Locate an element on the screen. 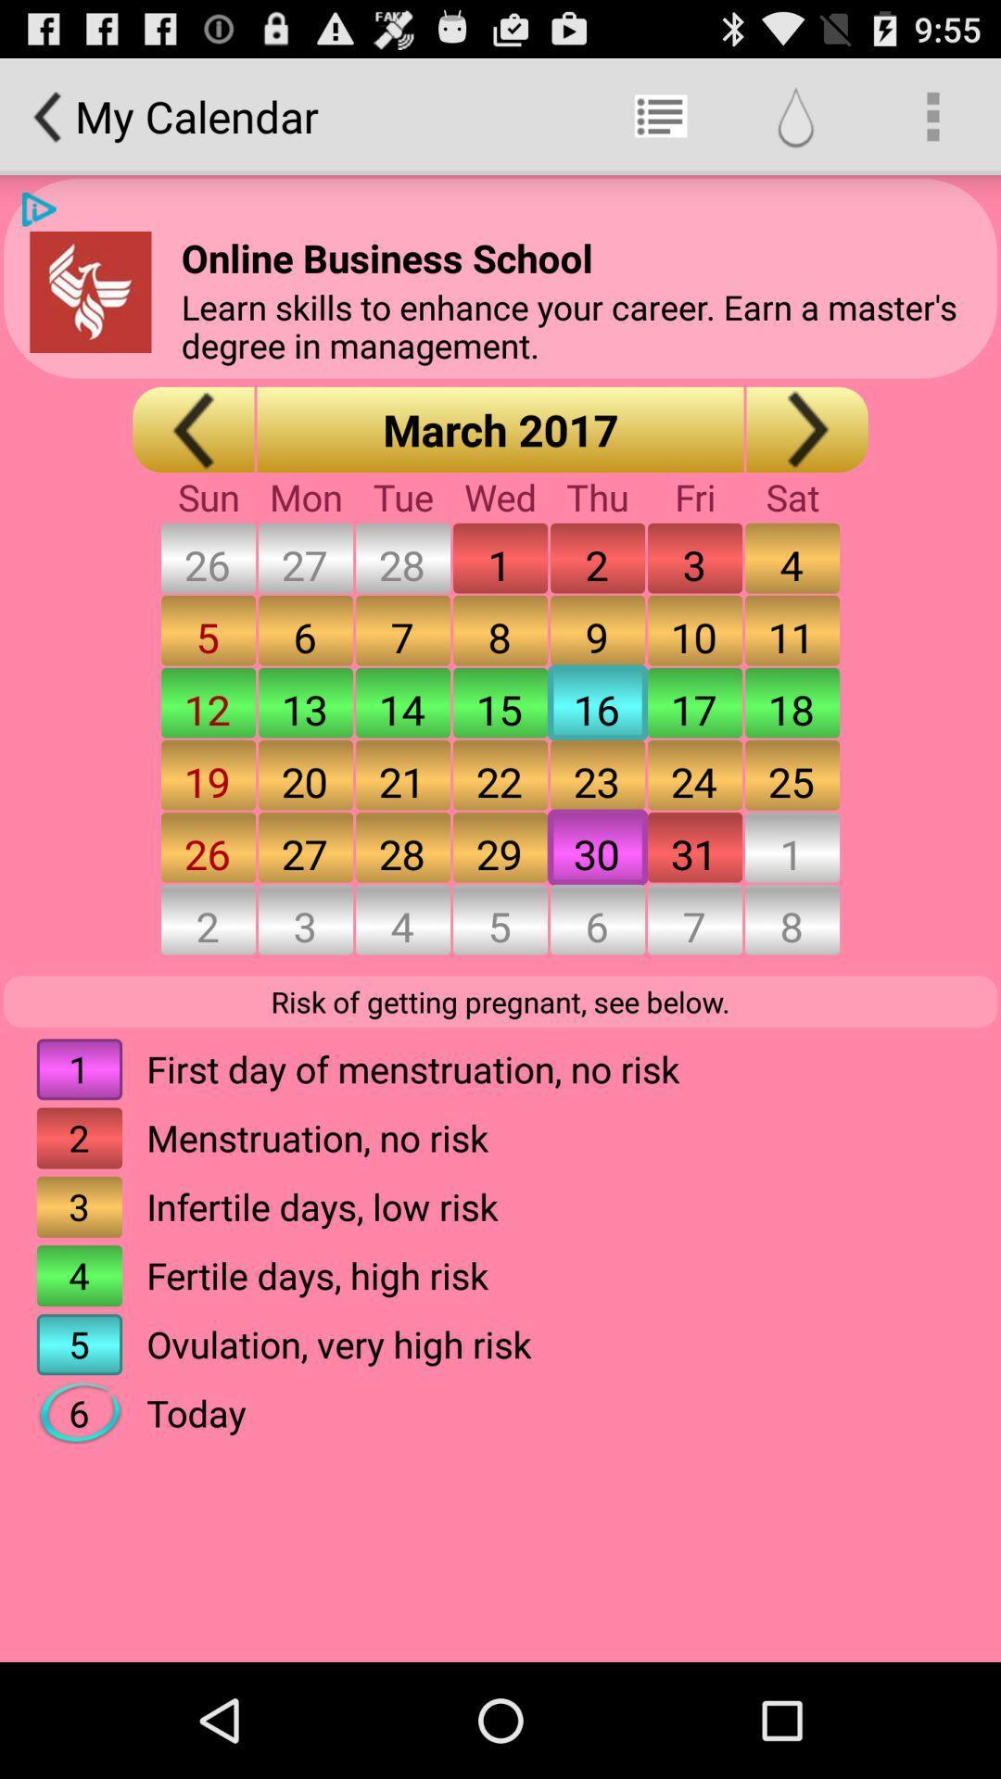 The height and width of the screenshot is (1779, 1001). the arrow_forward icon is located at coordinates (806, 460).